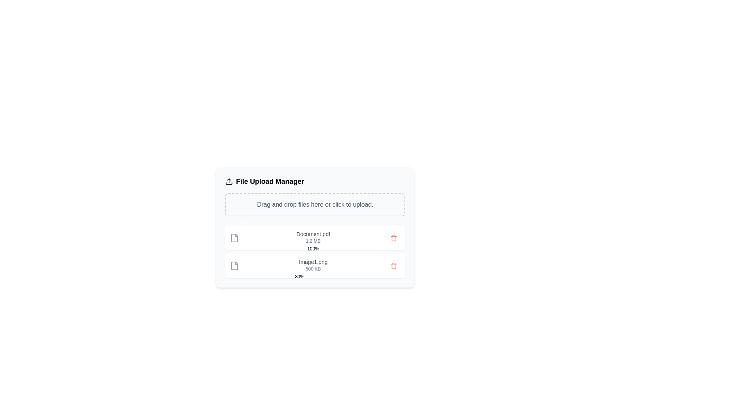 This screenshot has width=743, height=418. Describe the element at coordinates (313, 234) in the screenshot. I see `text content of the Text label that identifies the file in the upload interface, which is positioned above the '1.2 MB' text` at that location.